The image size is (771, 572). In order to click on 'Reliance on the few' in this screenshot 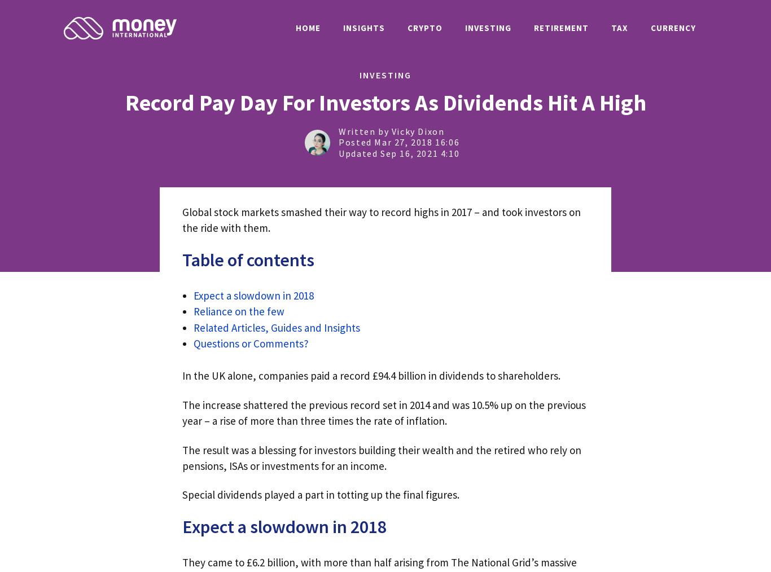, I will do `click(238, 311)`.